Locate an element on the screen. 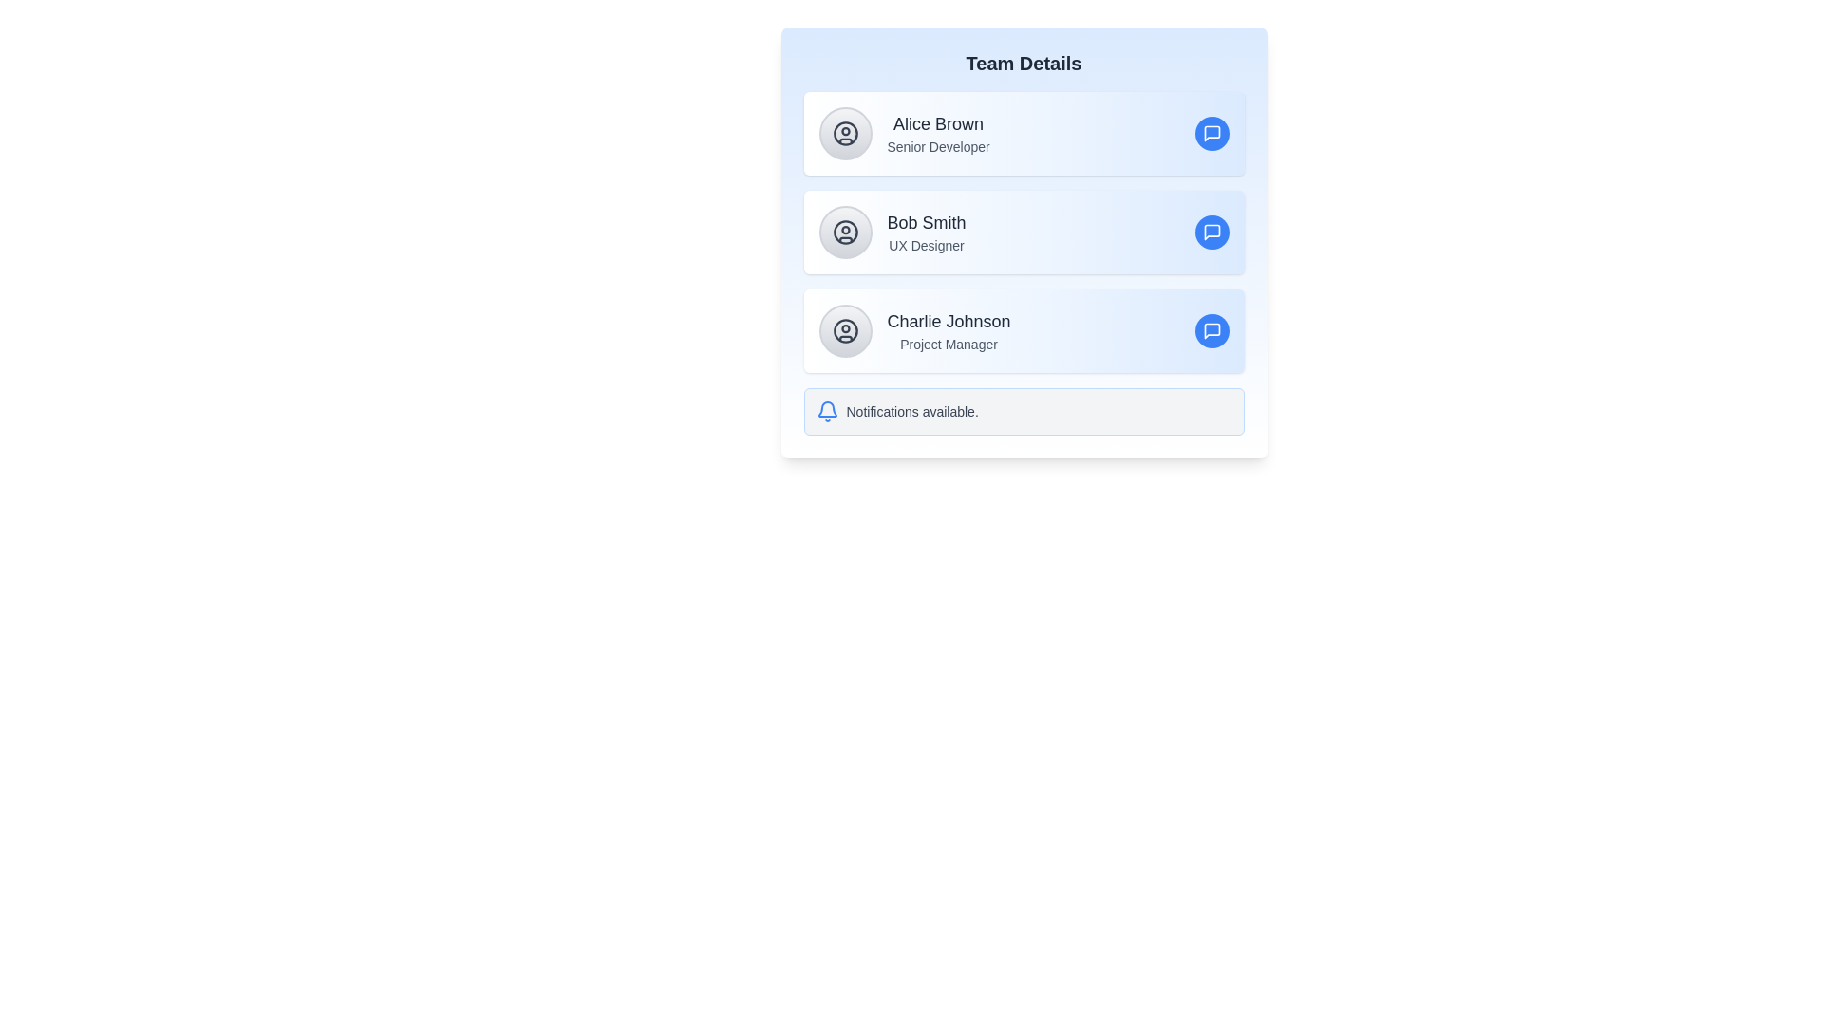 This screenshot has width=1823, height=1025. the profile icon representing 'Bob Smith (UX Designer)', which is the second profile icon in the list of users is located at coordinates (844, 232).